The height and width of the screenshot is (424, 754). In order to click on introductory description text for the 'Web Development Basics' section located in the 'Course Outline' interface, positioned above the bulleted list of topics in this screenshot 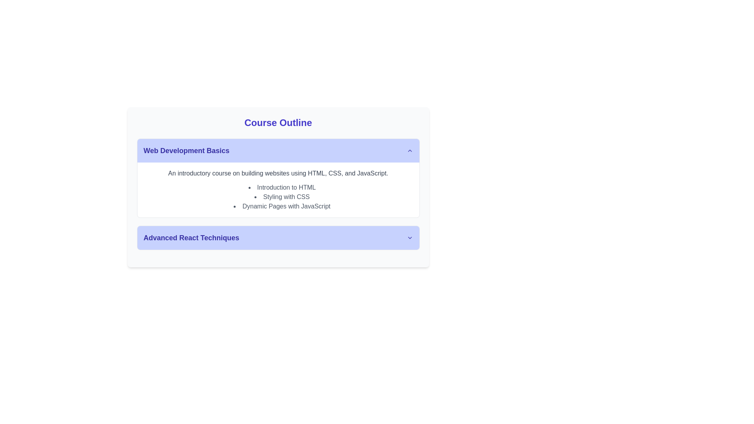, I will do `click(278, 173)`.